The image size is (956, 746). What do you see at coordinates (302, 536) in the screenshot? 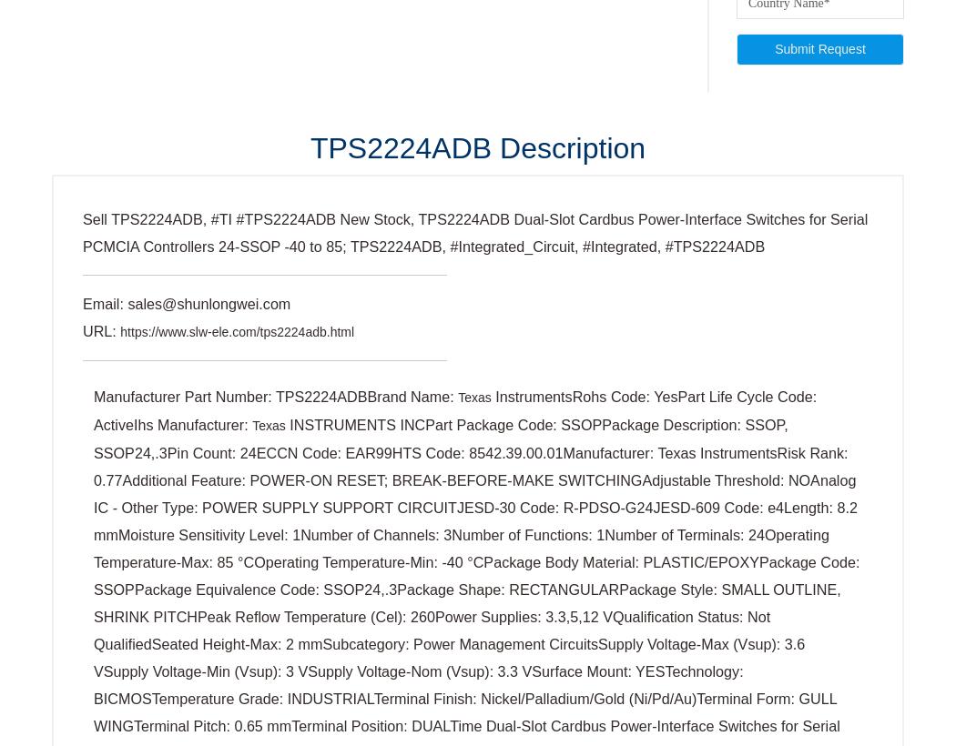
I see `'Infineon'` at bounding box center [302, 536].